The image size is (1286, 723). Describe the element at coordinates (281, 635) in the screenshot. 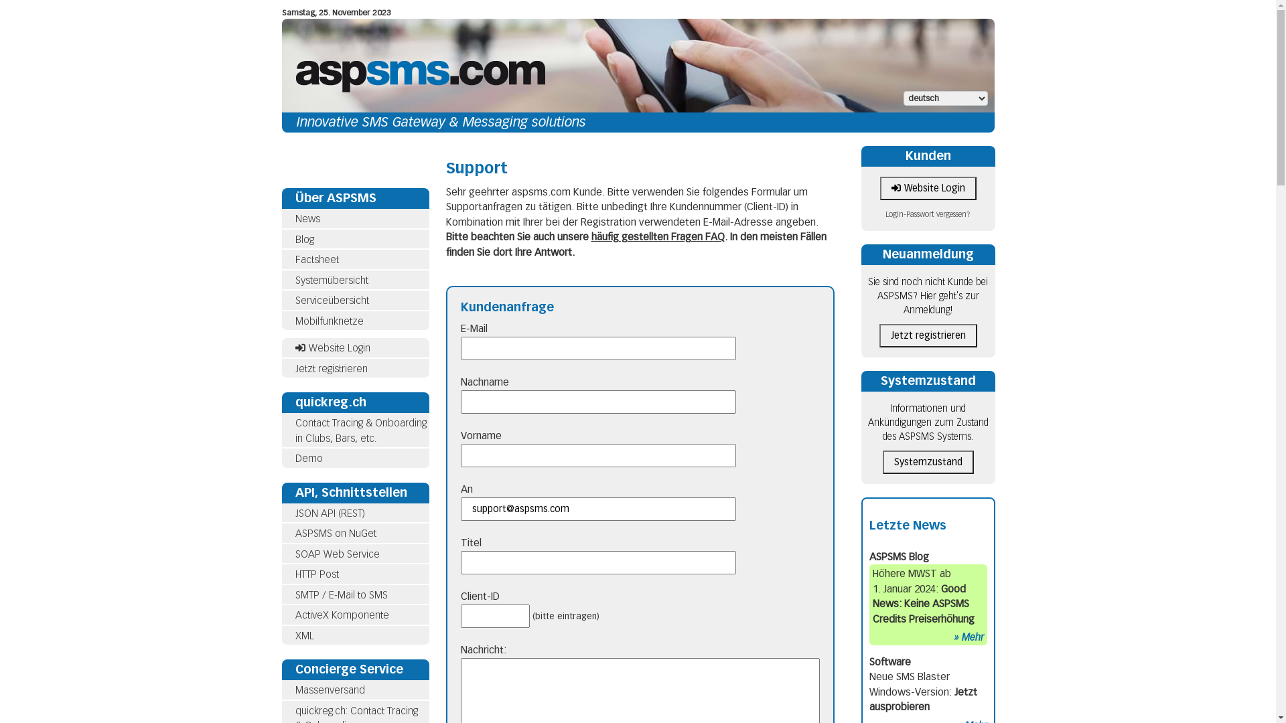

I see `'XML'` at that location.